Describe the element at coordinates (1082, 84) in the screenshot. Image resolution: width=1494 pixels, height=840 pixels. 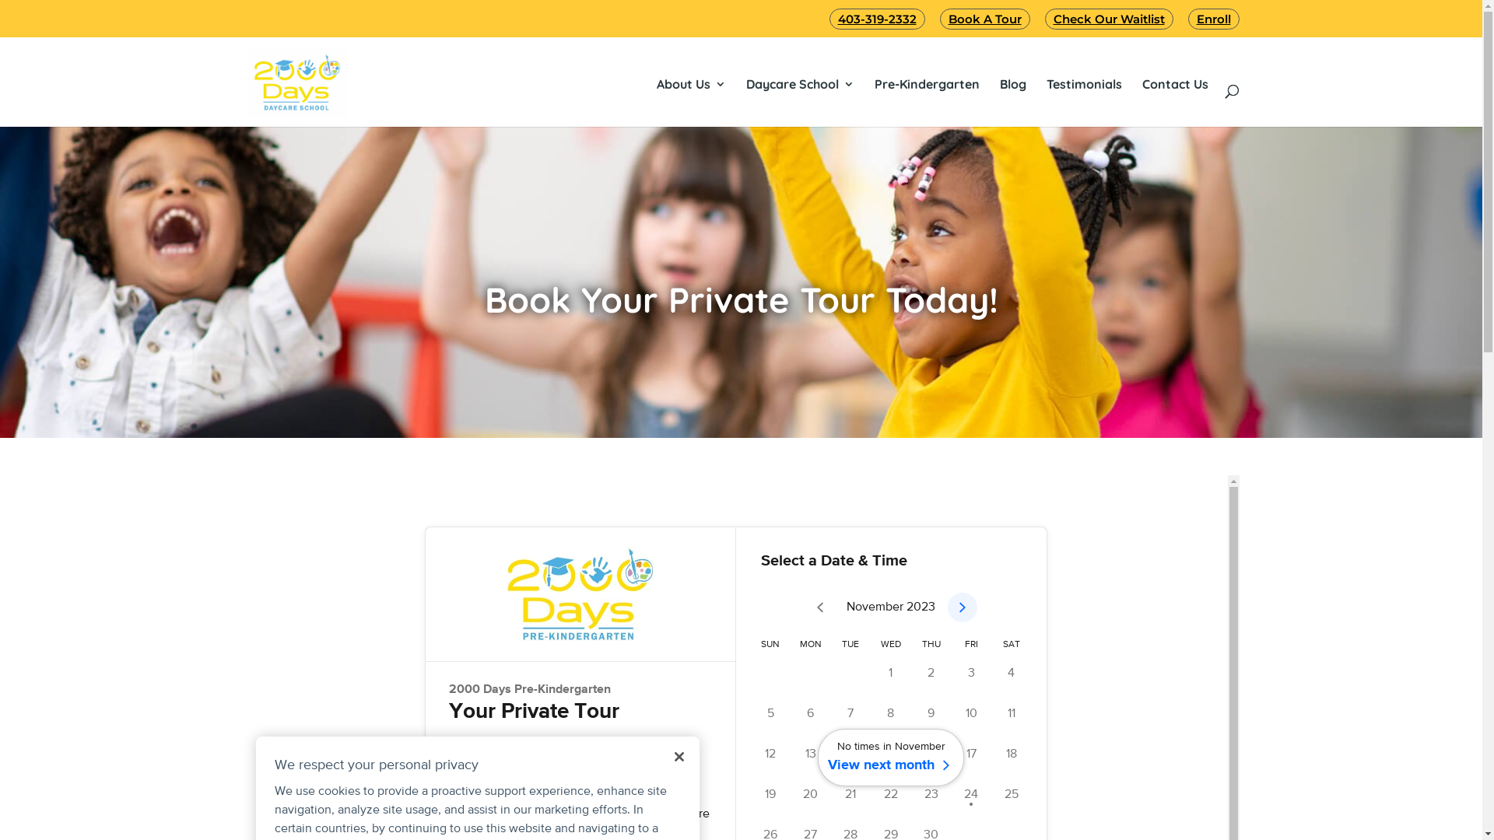
I see `'Testimonials'` at that location.